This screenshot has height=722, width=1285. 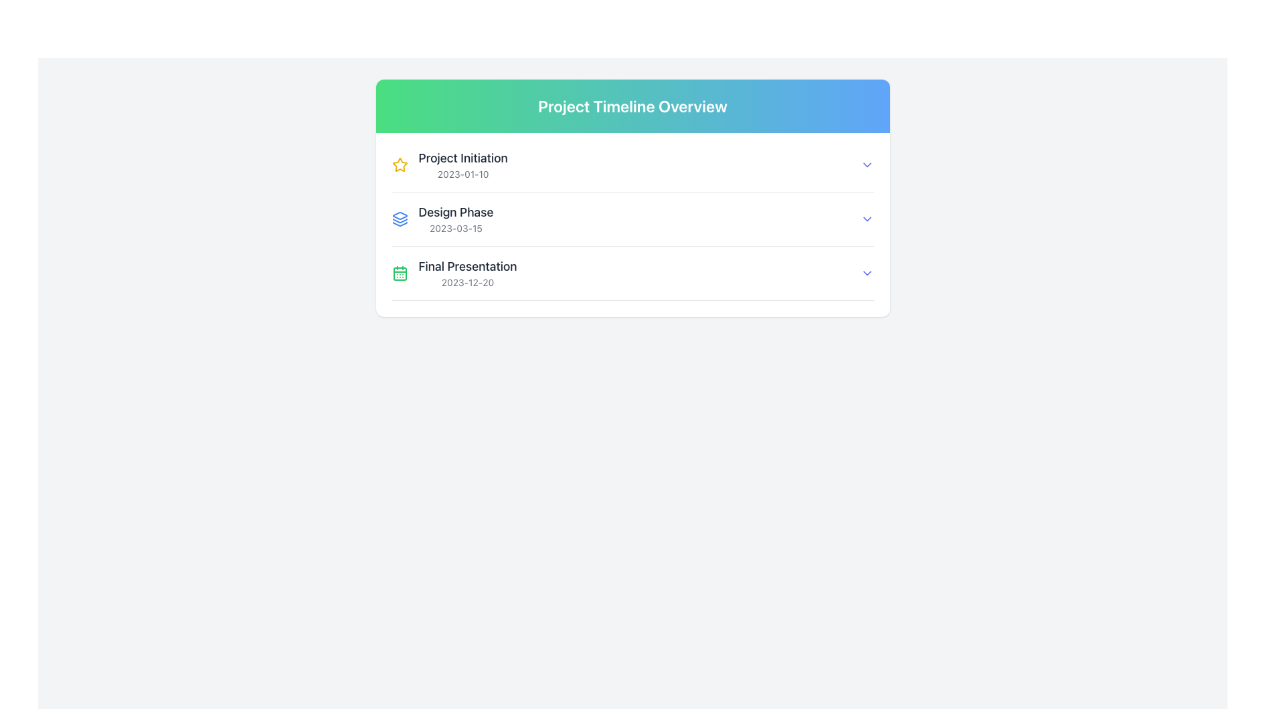 What do you see at coordinates (450, 164) in the screenshot?
I see `the list item labeled 'Project Initiation' with the associated date '2023-01-10'` at bounding box center [450, 164].